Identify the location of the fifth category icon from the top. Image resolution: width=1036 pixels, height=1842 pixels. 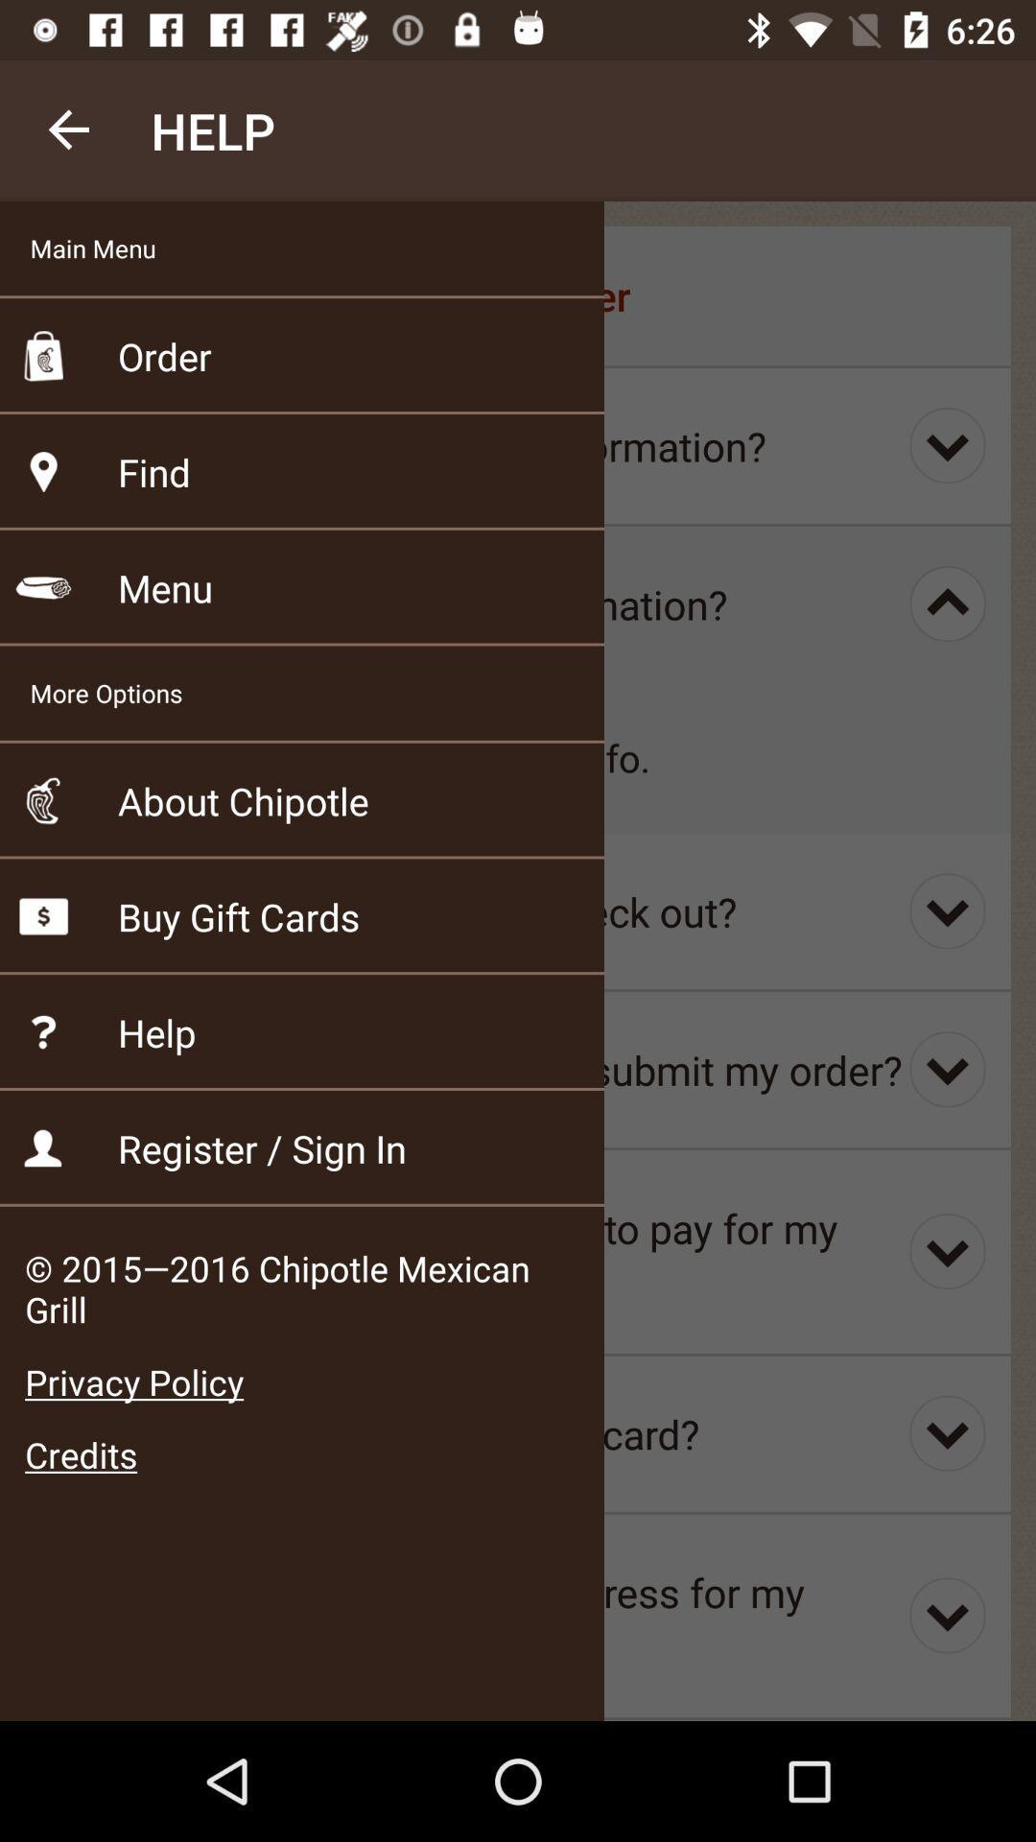
(43, 915).